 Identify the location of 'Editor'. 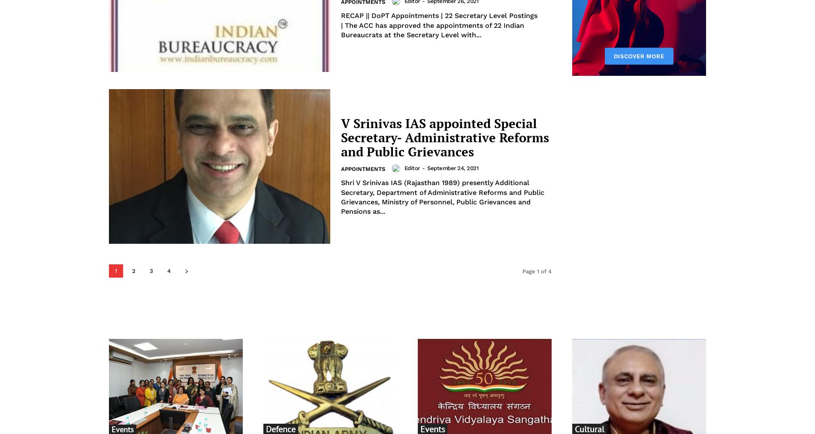
(412, 168).